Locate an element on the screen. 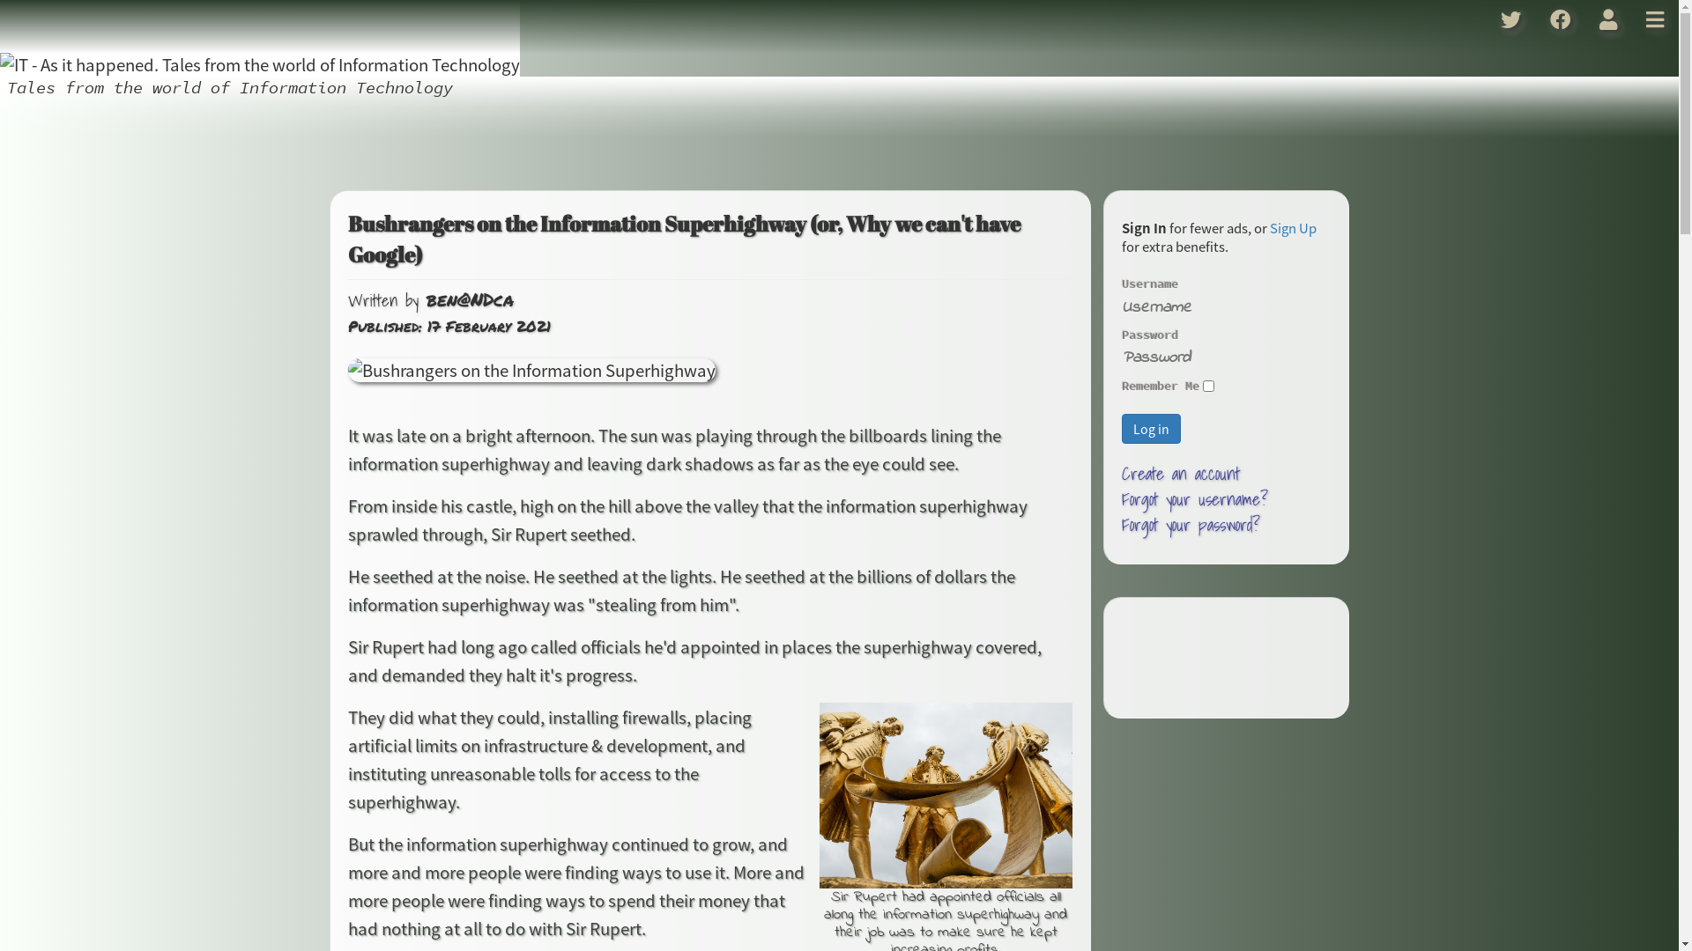  'Sign Up' is located at coordinates (1293, 226).